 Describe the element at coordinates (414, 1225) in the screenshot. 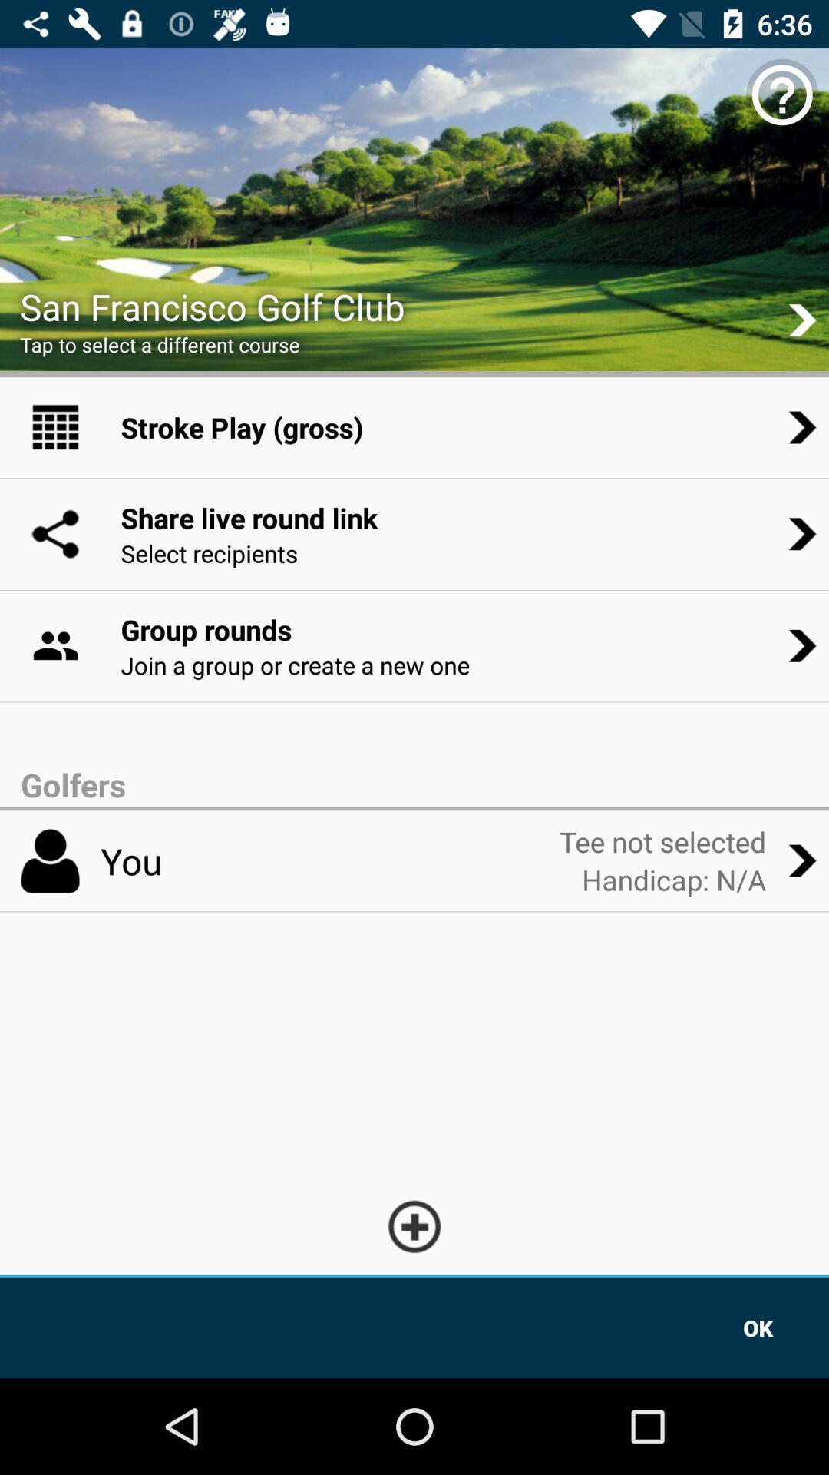

I see `your quary` at that location.